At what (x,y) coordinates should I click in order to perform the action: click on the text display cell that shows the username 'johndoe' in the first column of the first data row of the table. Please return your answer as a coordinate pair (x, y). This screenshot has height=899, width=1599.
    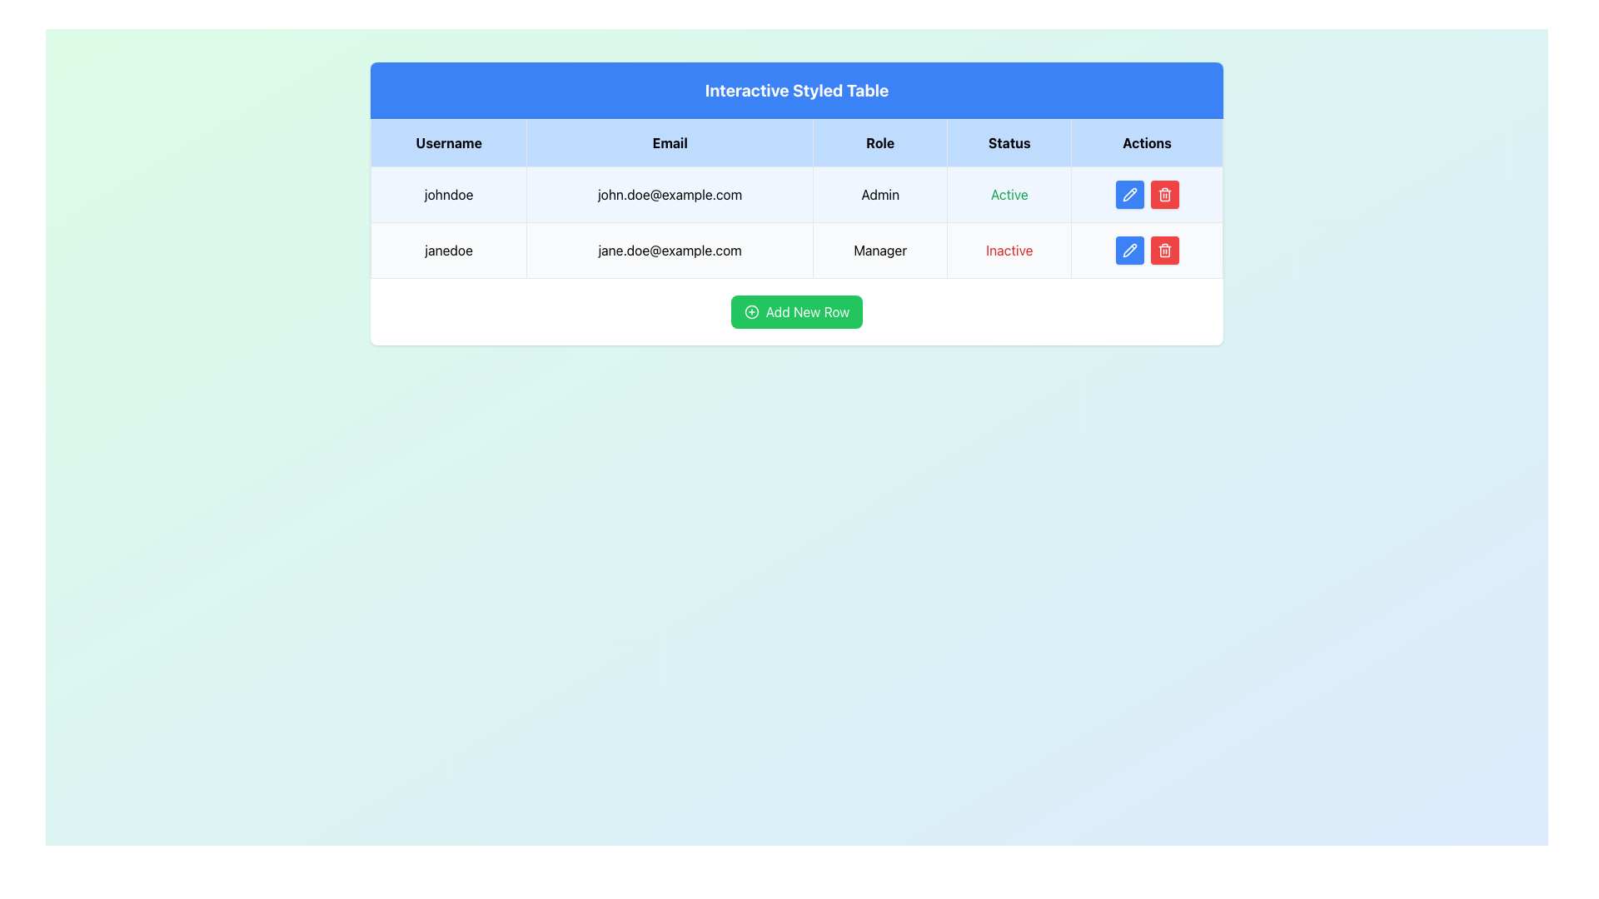
    Looking at the image, I should click on (449, 194).